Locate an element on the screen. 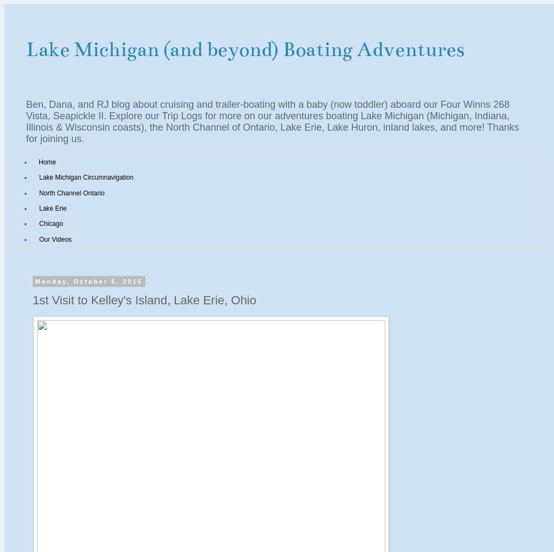 The height and width of the screenshot is (552, 554). '1st Visit to Kelley's Island, Lake Erie, Ohio' is located at coordinates (144, 299).